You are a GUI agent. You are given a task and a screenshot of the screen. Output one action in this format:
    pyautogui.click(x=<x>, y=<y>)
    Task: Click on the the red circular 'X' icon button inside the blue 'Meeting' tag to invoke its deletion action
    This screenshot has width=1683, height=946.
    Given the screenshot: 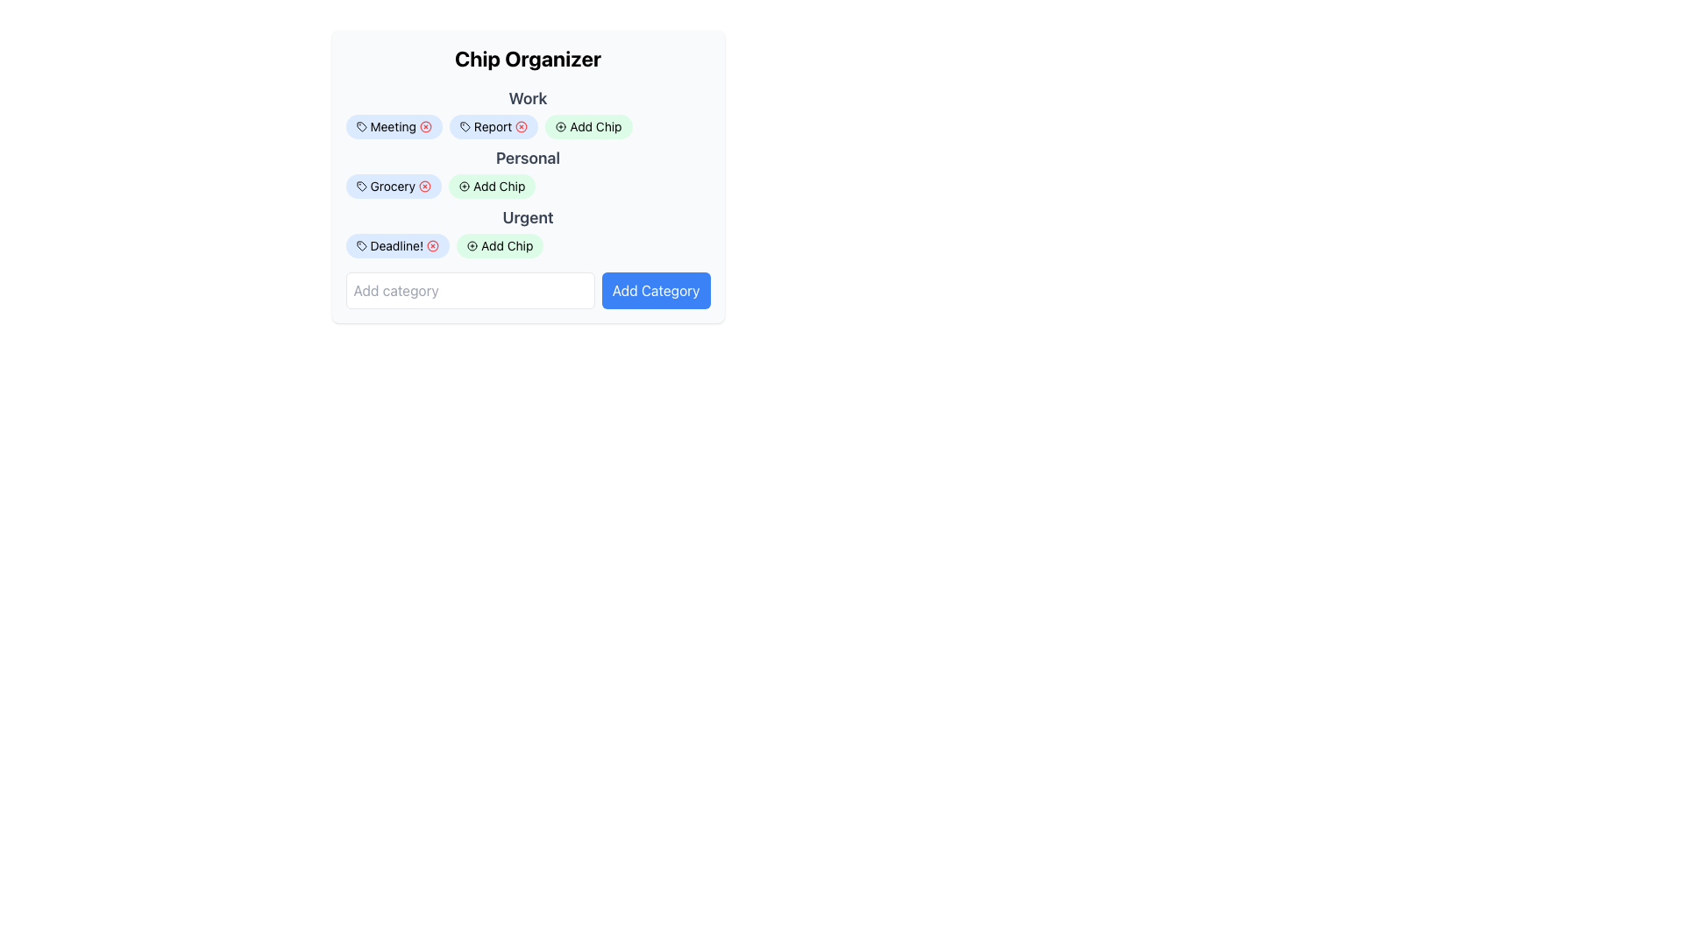 What is the action you would take?
    pyautogui.click(x=425, y=126)
    